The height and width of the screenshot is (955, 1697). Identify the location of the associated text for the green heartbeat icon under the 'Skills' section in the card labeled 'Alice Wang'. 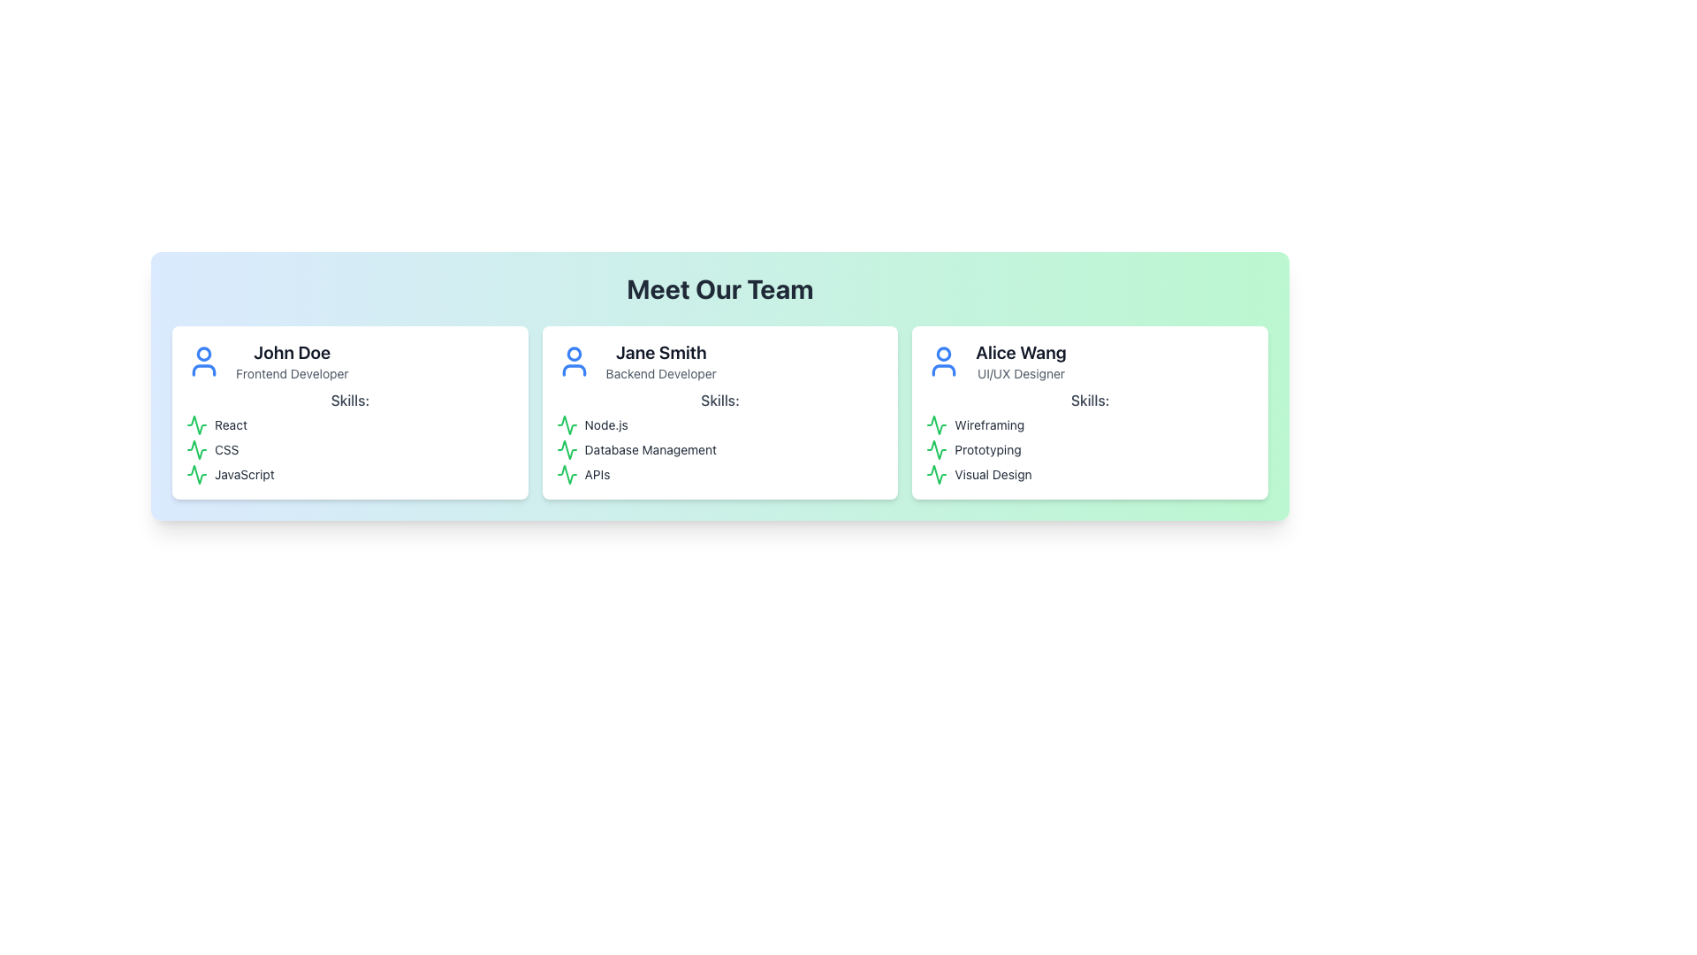
(936, 449).